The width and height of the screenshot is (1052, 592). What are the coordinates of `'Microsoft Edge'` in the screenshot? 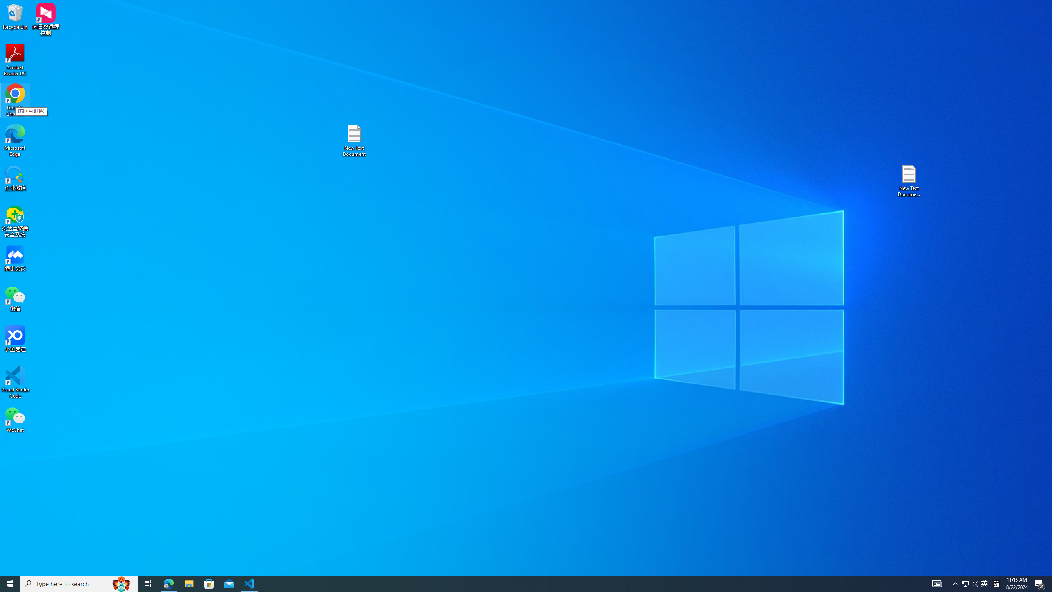 It's located at (15, 140).